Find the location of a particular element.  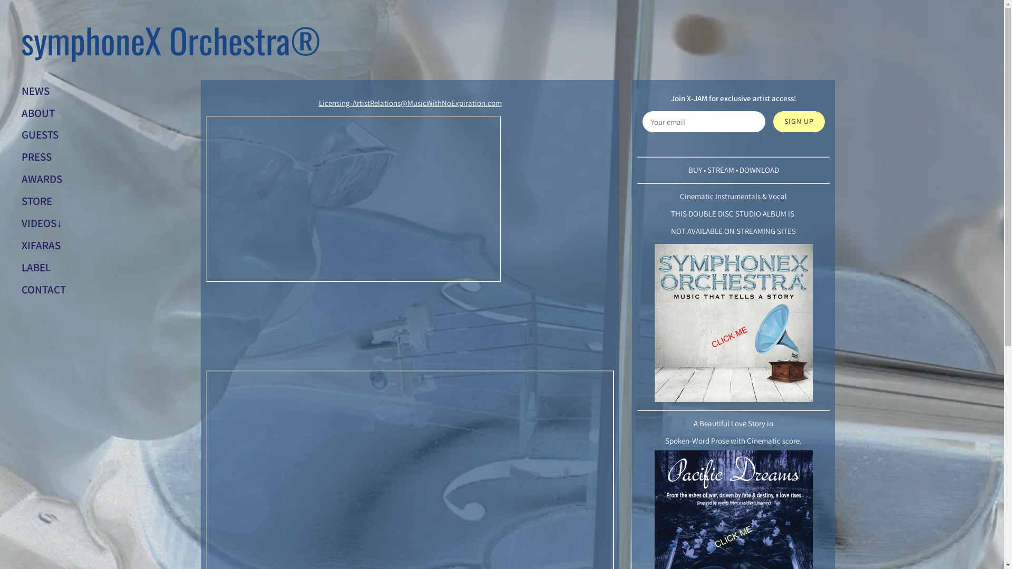

'Licensing-ArtistRelations@MusicWithNoExpiration.com' is located at coordinates (410, 103).